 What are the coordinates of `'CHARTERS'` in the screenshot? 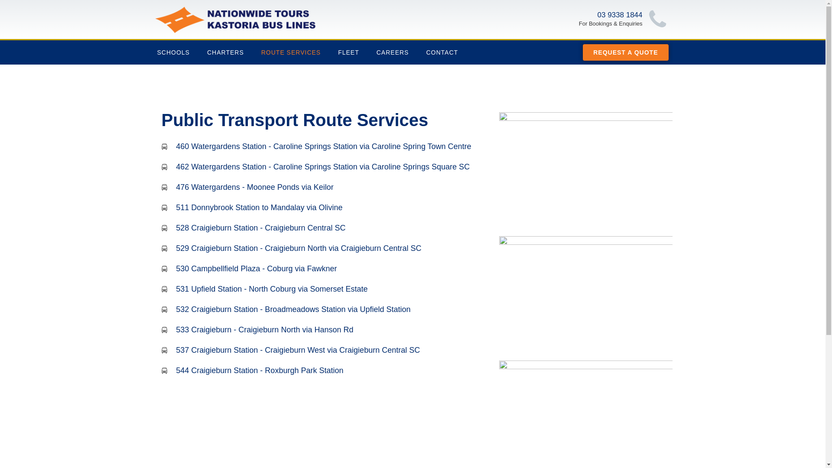 It's located at (225, 52).